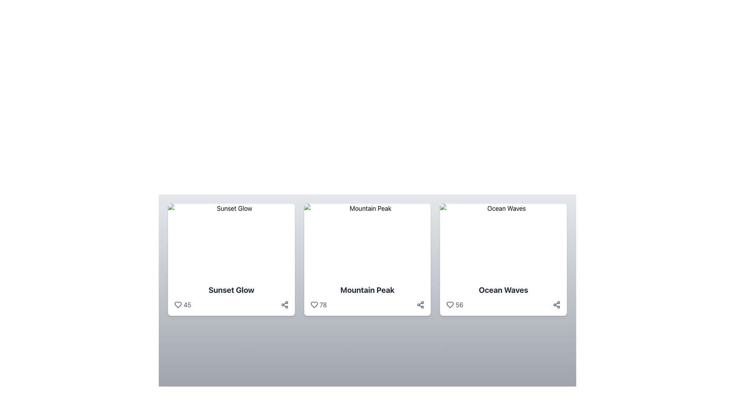  I want to click on like count displayed next to the gray heart icon in the Interactive Like Display, which shows the number '56', so click(455, 304).